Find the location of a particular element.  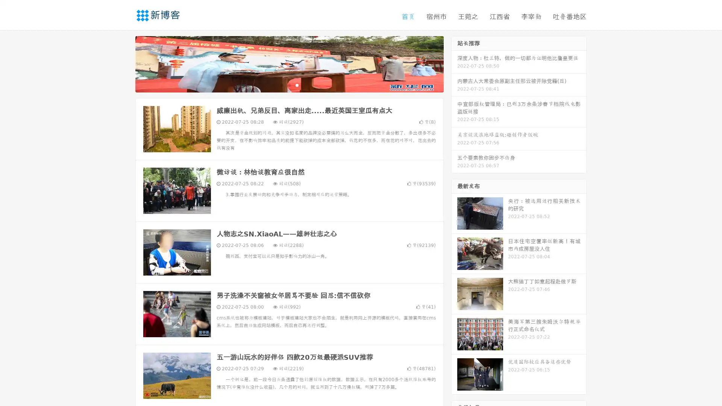

Go to slide 2 is located at coordinates (289, 85).